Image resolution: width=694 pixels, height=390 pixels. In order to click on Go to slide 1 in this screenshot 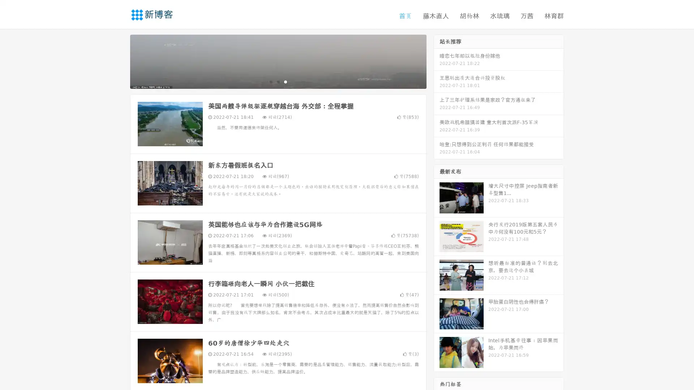, I will do `click(270, 81)`.